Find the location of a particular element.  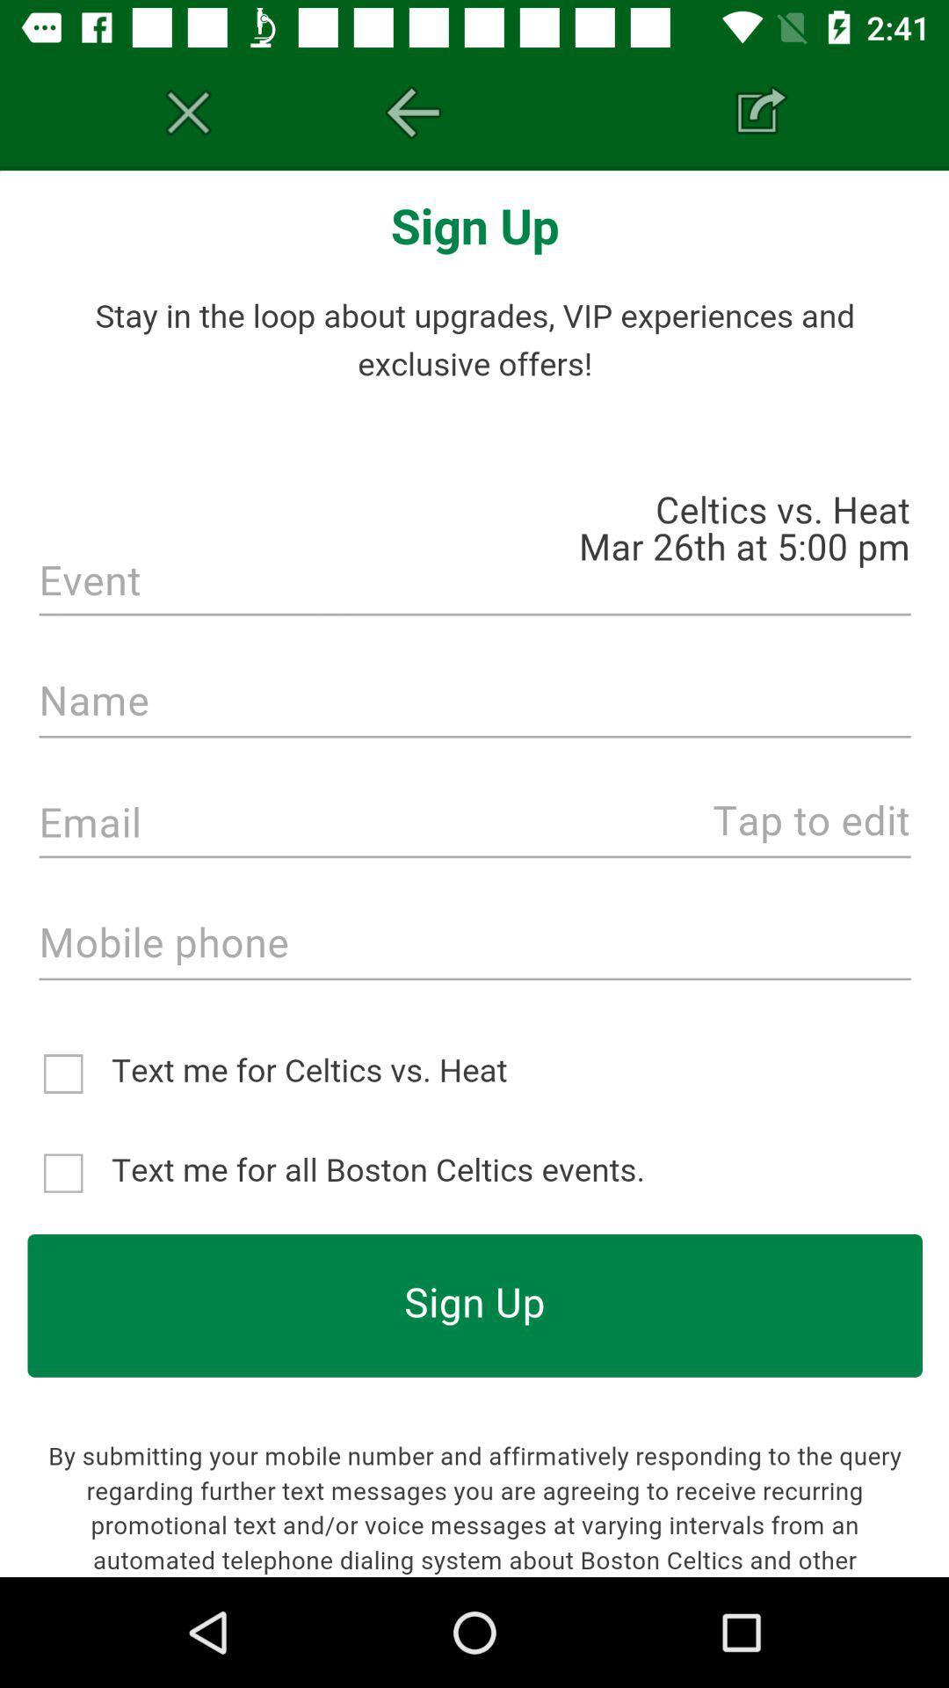

share the page is located at coordinates (759, 112).